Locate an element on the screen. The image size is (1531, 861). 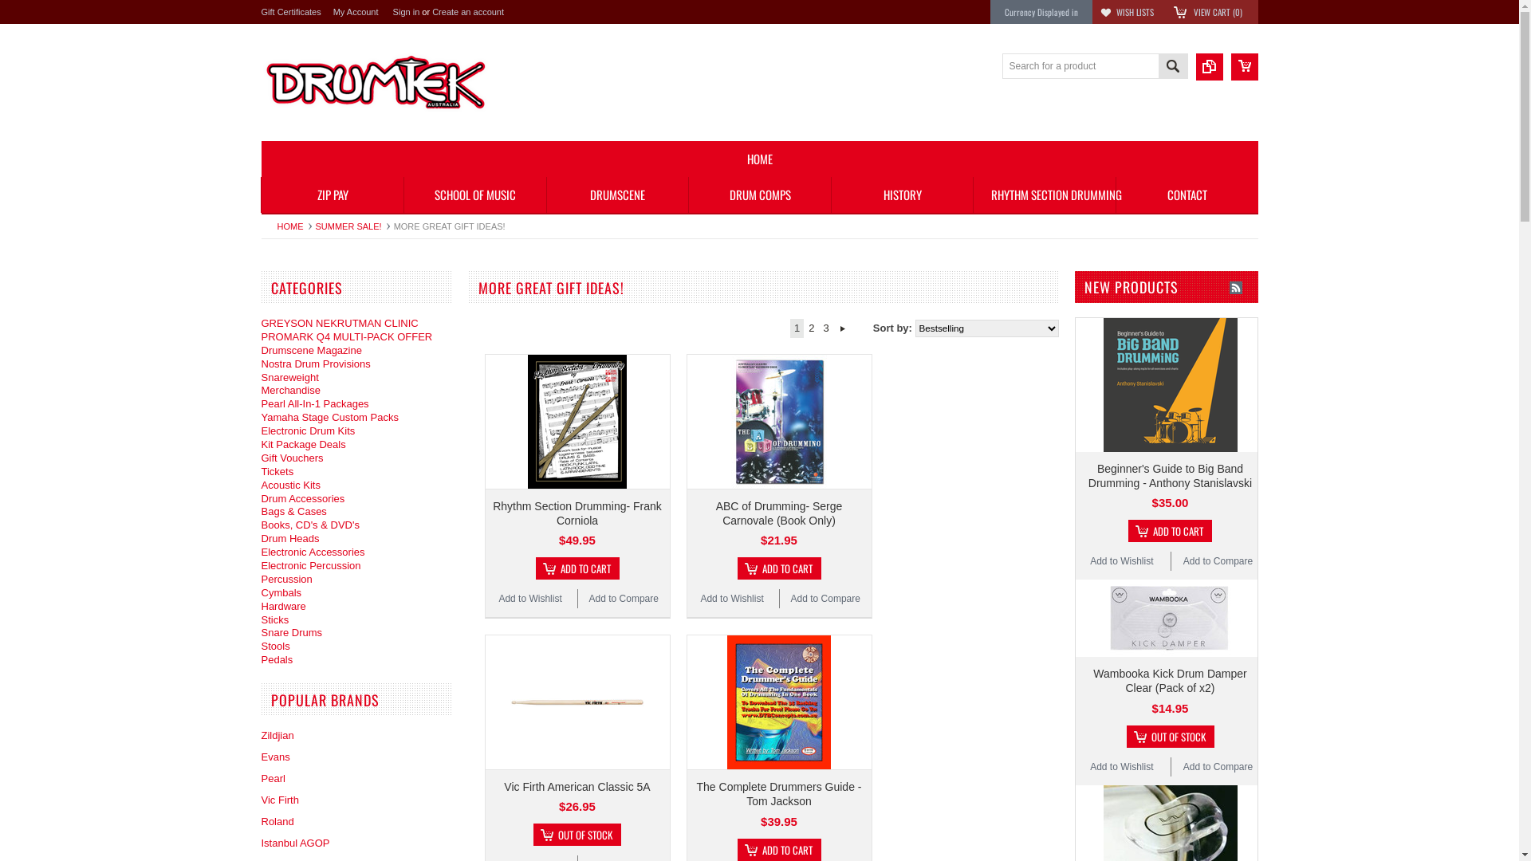
'Electronic Percussion' is located at coordinates (311, 564).